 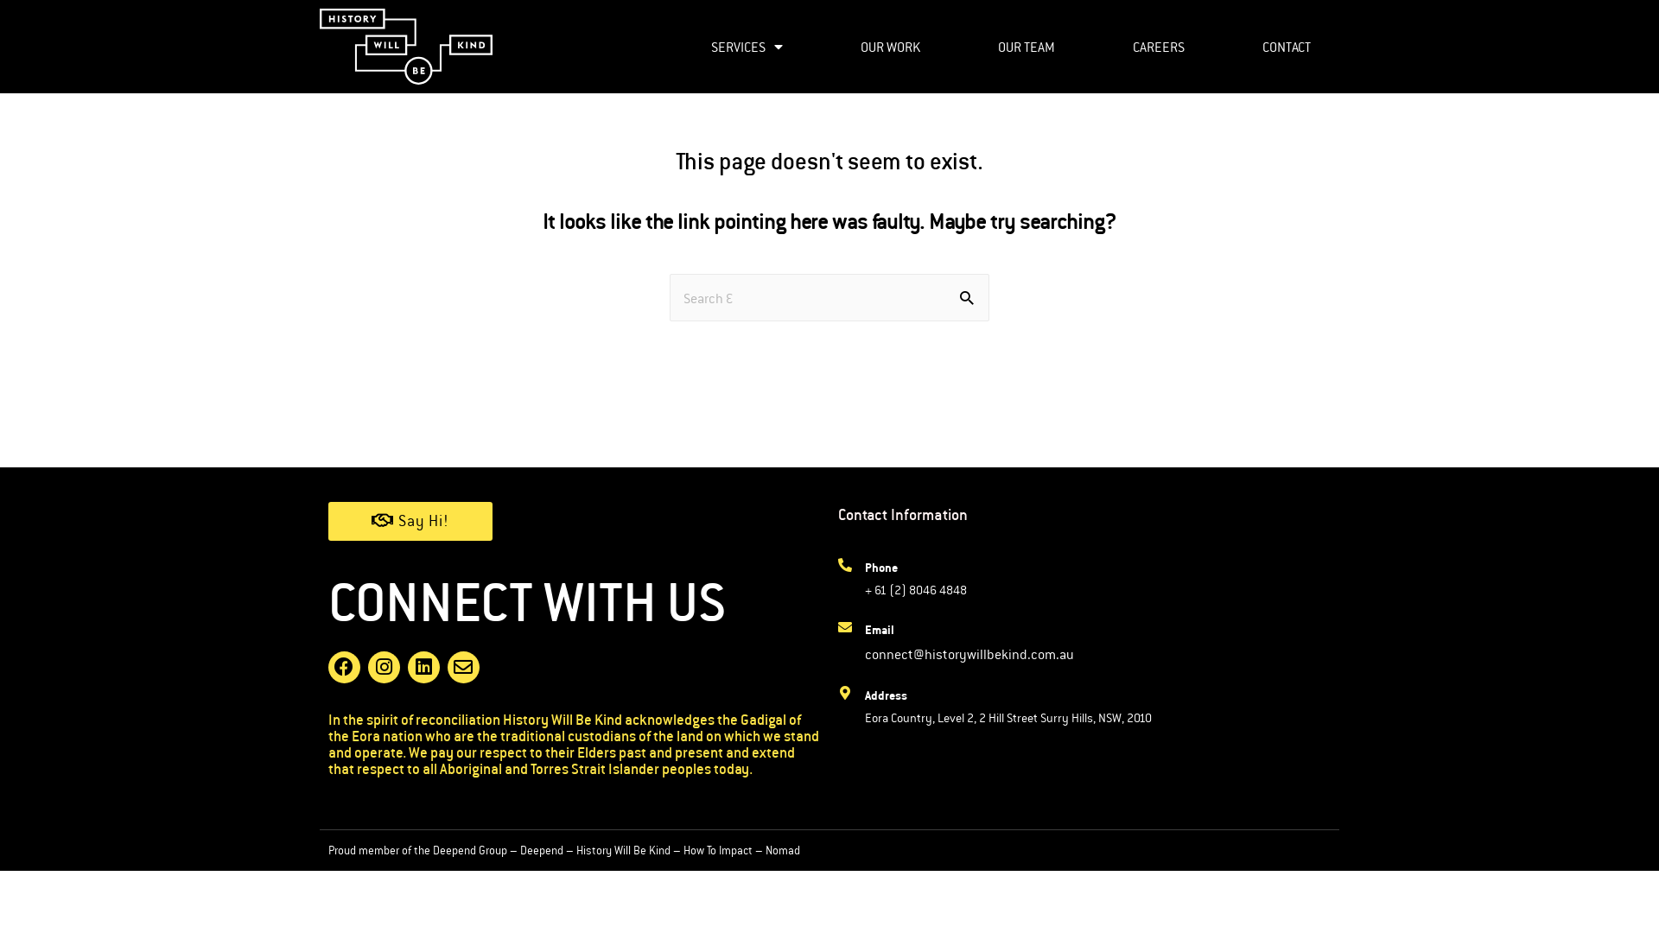 I want to click on 'SERVICES', so click(x=747, y=46).